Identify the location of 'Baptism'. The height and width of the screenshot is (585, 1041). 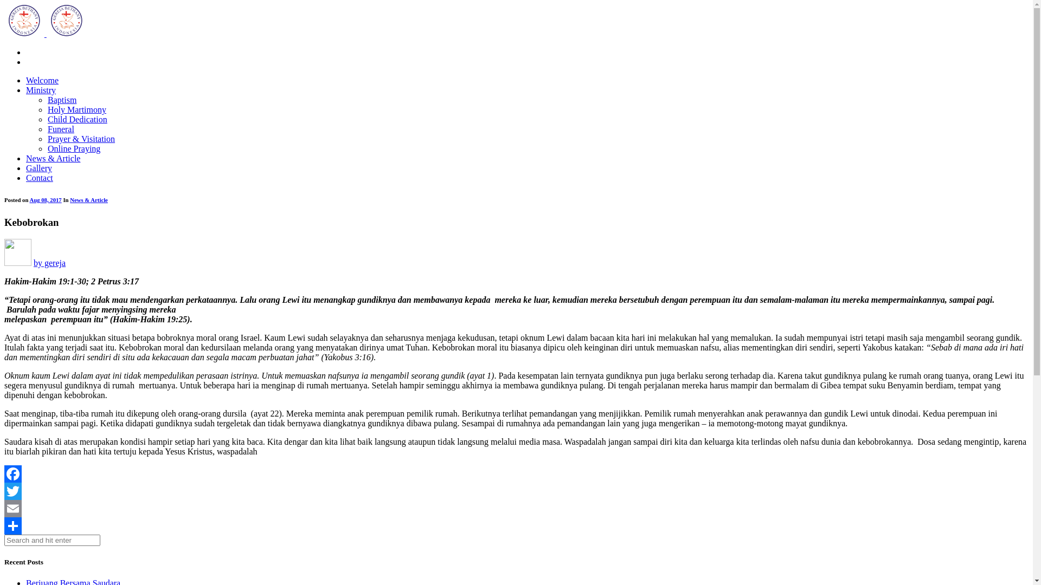
(47, 100).